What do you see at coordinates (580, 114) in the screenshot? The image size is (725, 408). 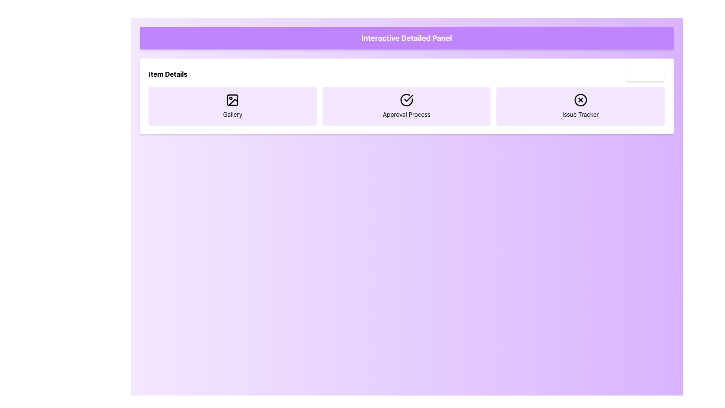 I see `the Text Label that indicates the title of the 'Issue Tracker' section, located centrally below the circular icon with an 'X'` at bounding box center [580, 114].